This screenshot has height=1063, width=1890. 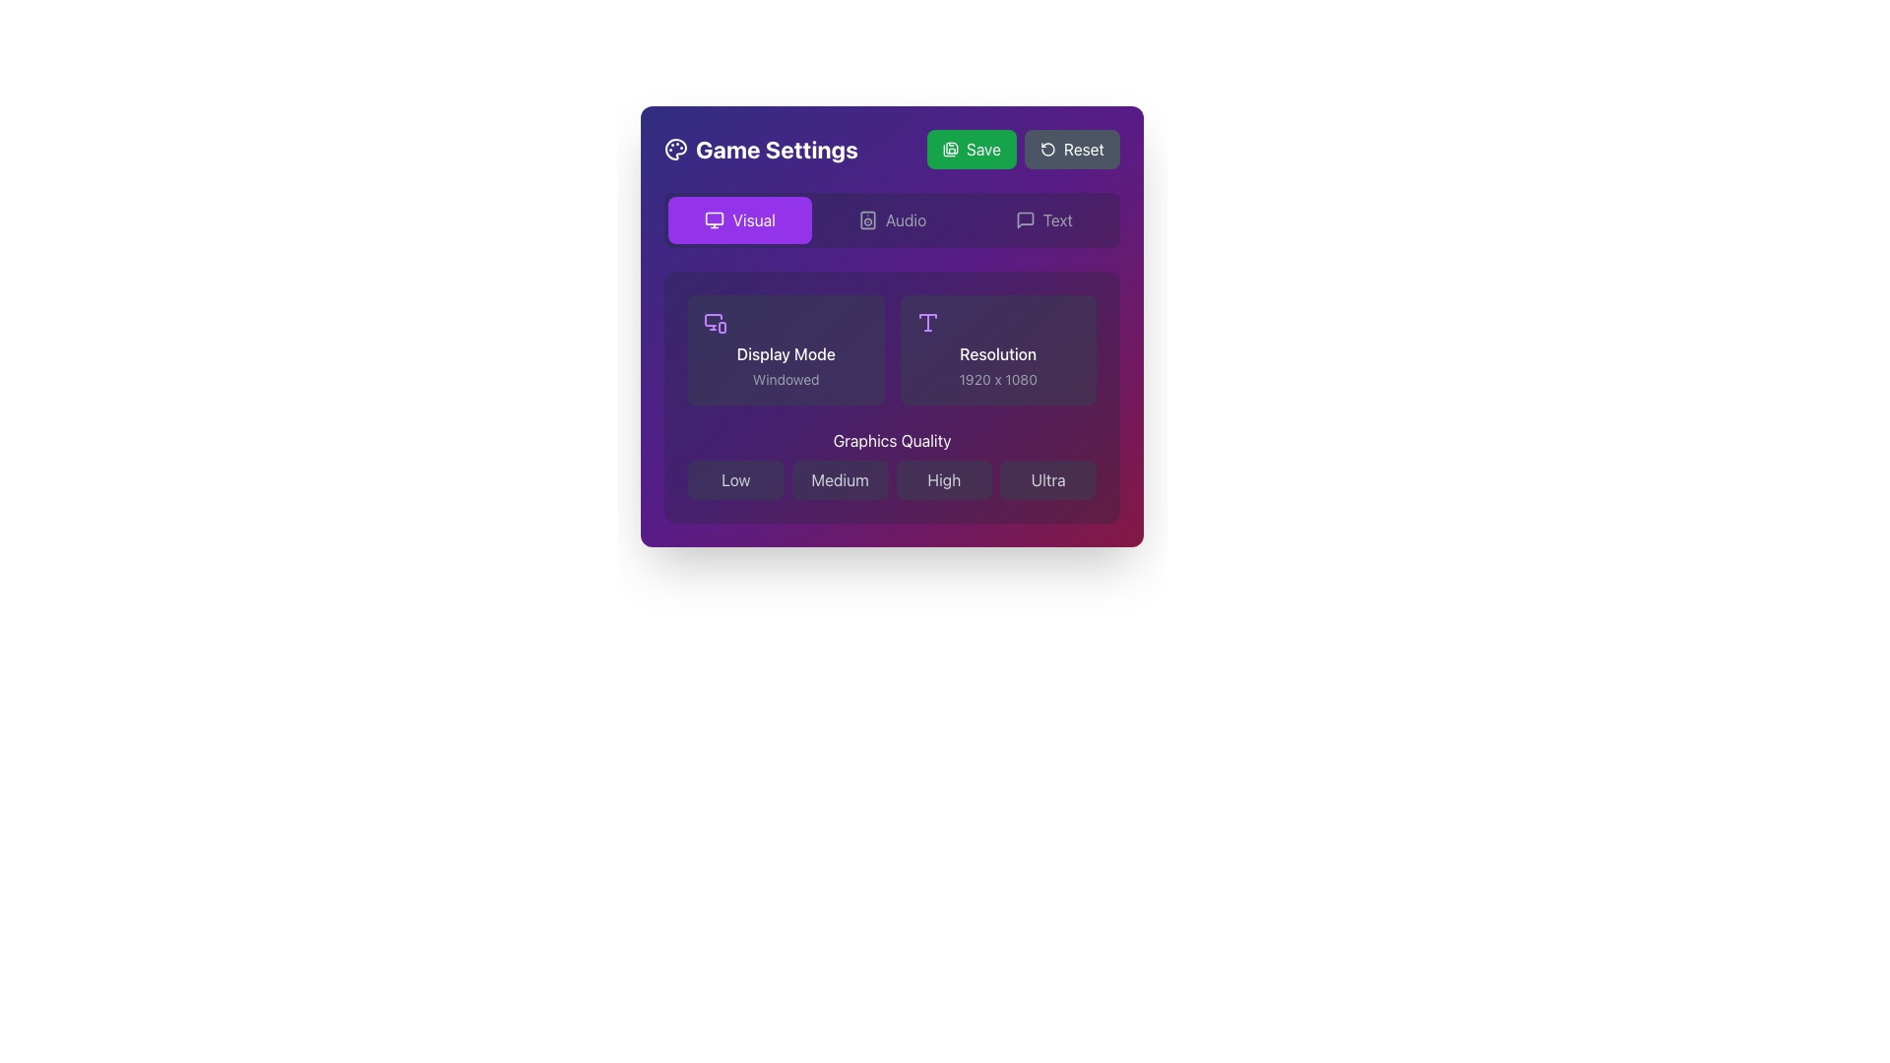 I want to click on the rectangle representing the monitor within the 'Visual' tab icon to interact with the tab, so click(x=714, y=219).